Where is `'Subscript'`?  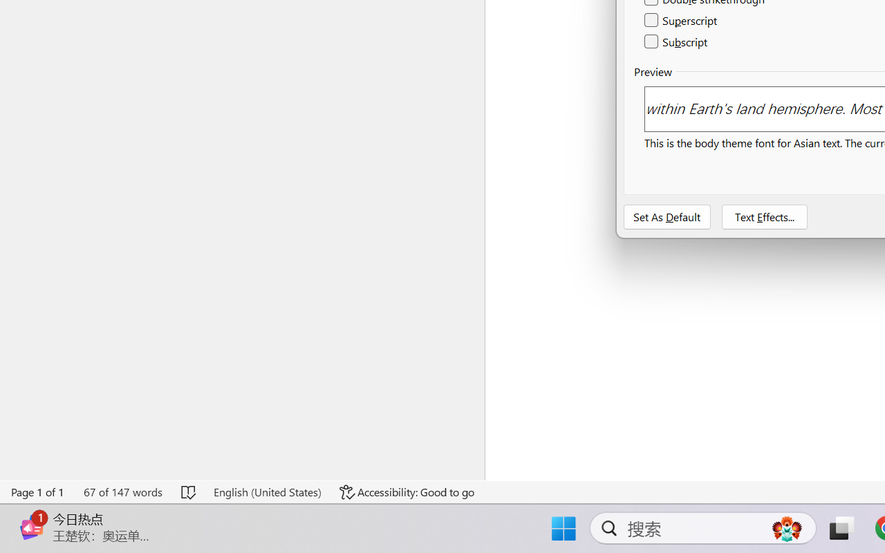
'Subscript' is located at coordinates (677, 41).